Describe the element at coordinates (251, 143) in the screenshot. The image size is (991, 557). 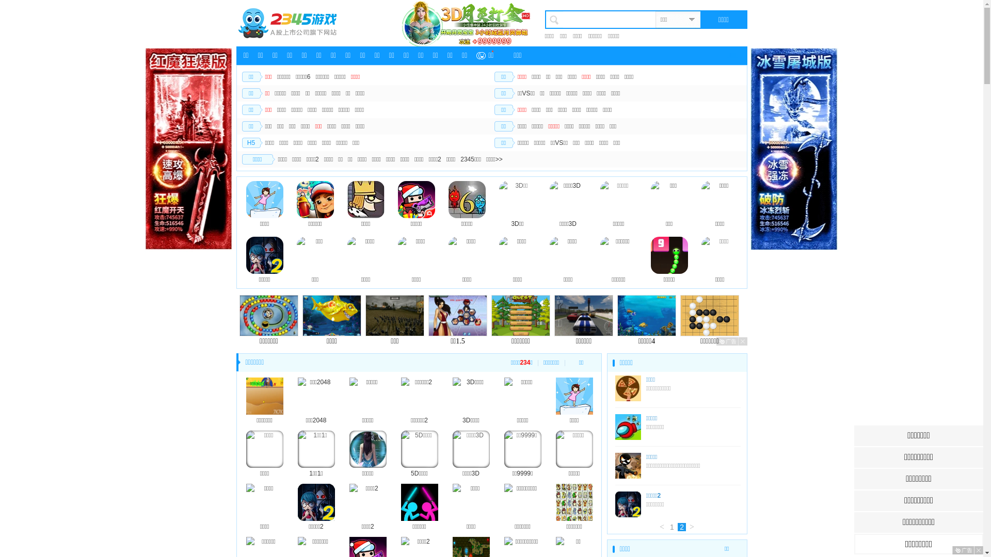
I see `'H5'` at that location.